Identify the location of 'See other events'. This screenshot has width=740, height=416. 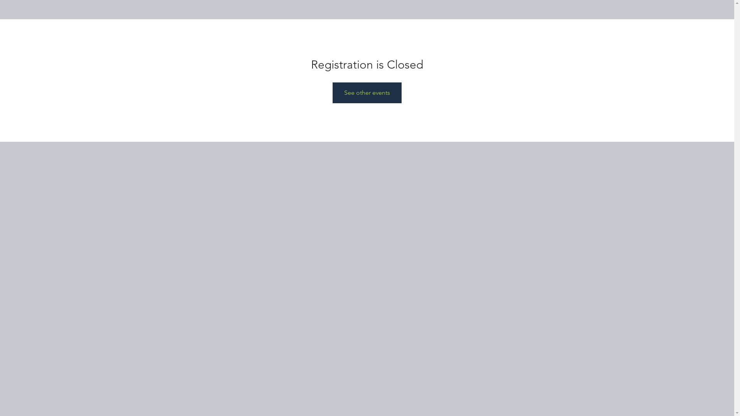
(367, 92).